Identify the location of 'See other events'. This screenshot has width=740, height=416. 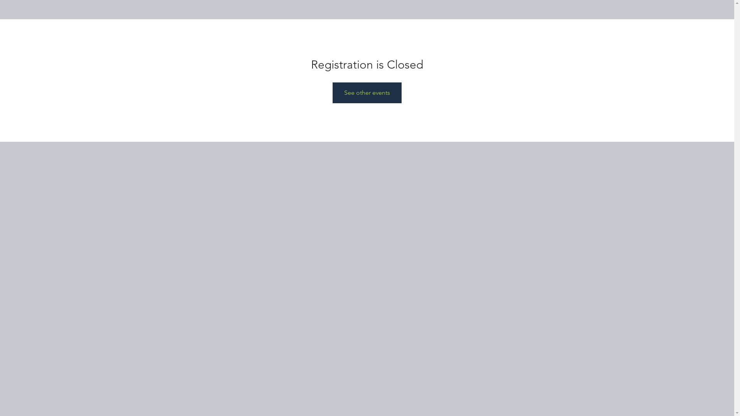
(367, 92).